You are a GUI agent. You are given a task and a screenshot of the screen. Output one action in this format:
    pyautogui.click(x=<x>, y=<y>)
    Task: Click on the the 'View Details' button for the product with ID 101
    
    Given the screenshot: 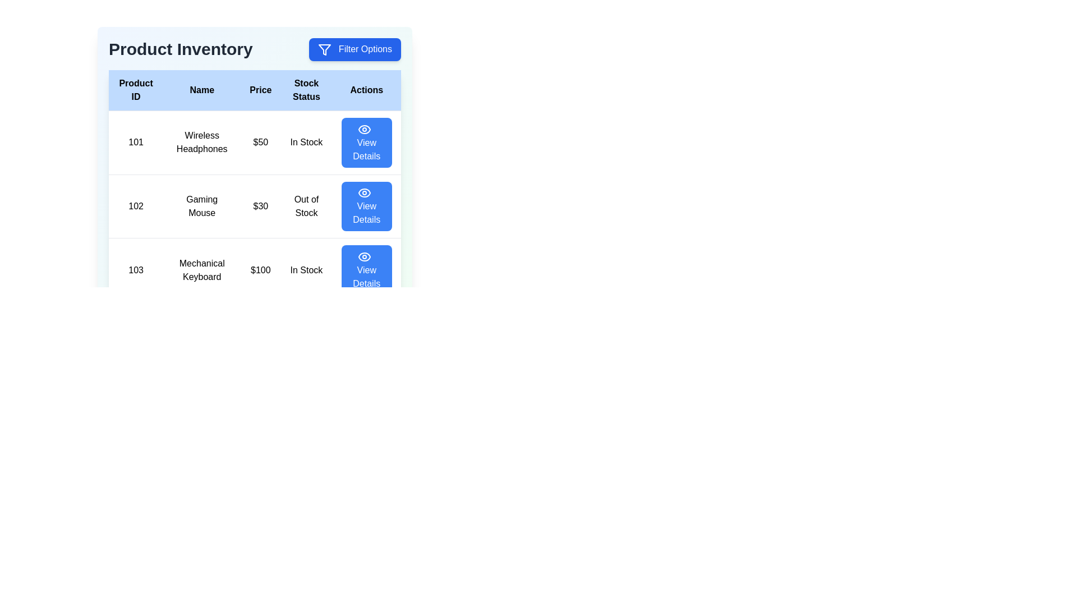 What is the action you would take?
    pyautogui.click(x=366, y=142)
    